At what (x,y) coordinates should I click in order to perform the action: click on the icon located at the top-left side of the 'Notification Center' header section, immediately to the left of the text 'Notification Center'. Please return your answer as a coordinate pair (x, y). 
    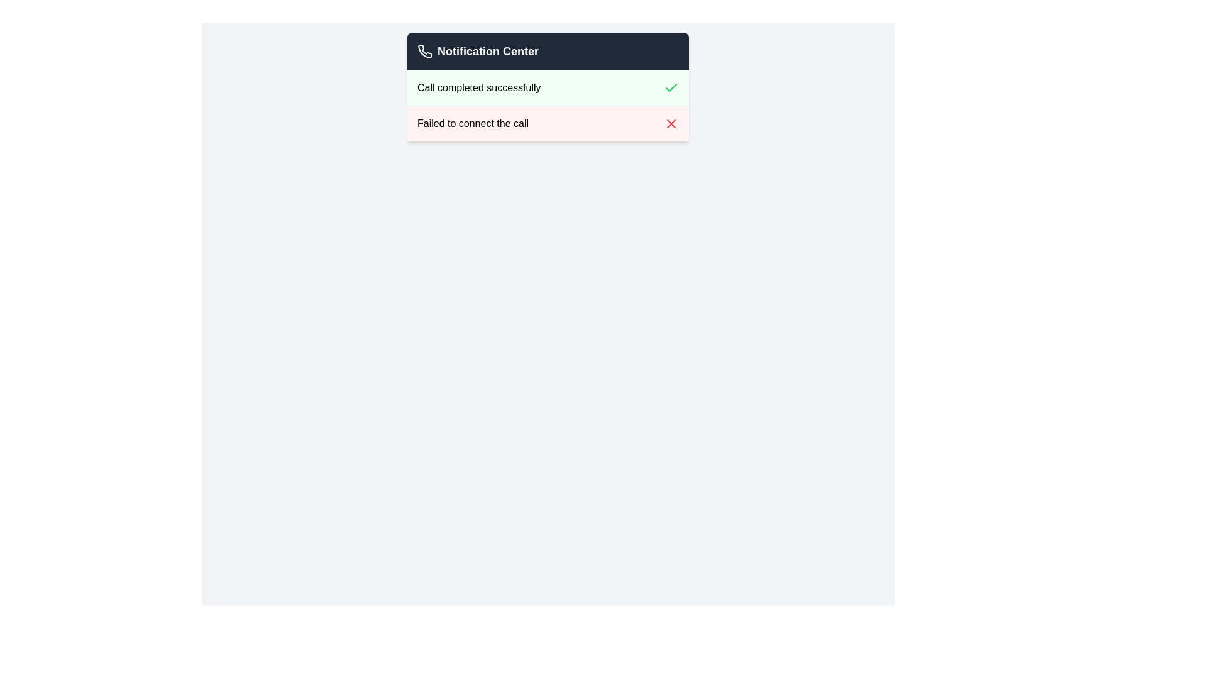
    Looking at the image, I should click on (425, 50).